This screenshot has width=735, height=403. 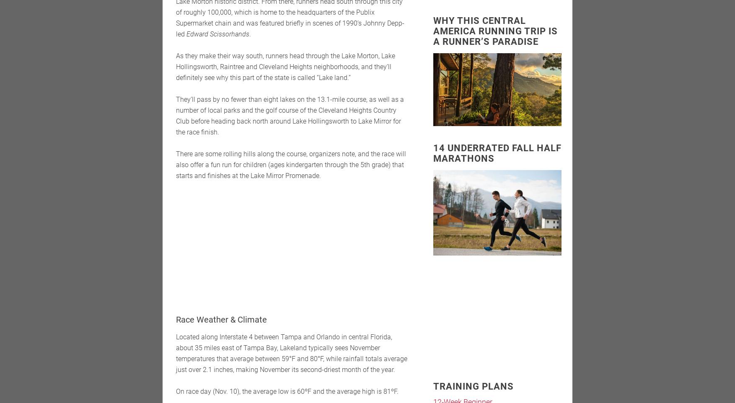 What do you see at coordinates (226, 391) in the screenshot?
I see `'. 10), the average low is 60ºF and the average high is 81ºF.'` at bounding box center [226, 391].